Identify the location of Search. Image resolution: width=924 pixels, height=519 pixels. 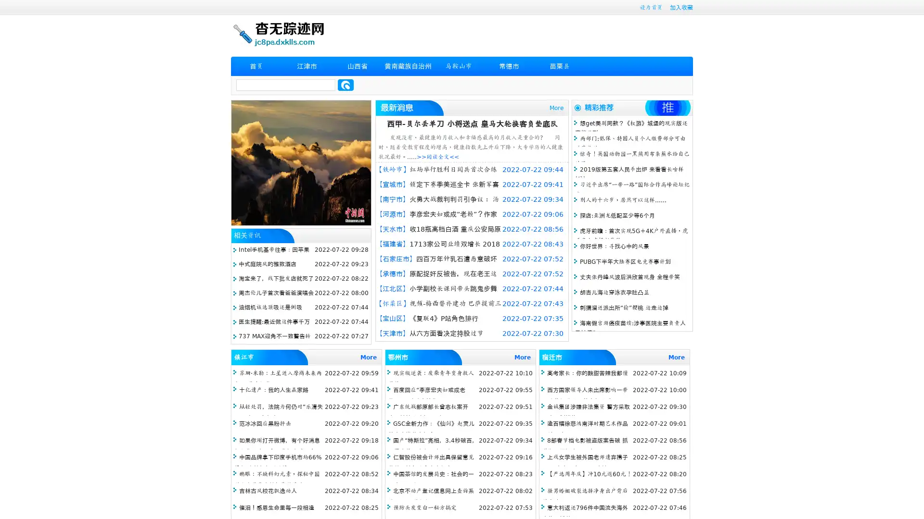
(346, 85).